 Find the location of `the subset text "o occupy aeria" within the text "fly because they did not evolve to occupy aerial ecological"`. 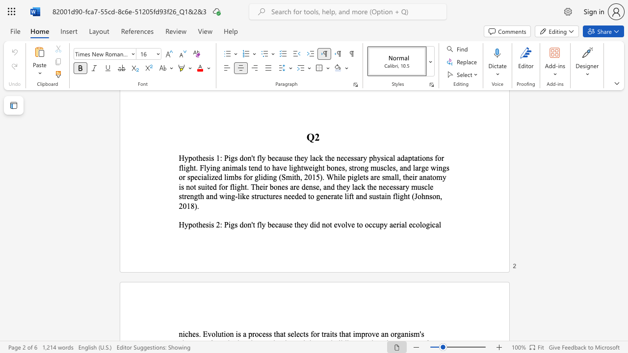

the subset text "o occupy aeria" within the text "fly because they did not evolve to occupy aerial ecological" is located at coordinates (358, 225).